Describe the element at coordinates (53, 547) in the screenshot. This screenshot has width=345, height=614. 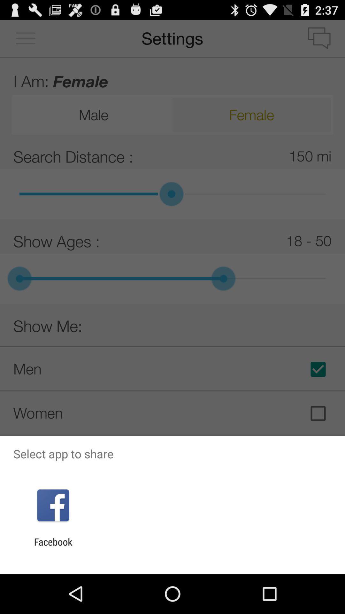
I see `facebook` at that location.